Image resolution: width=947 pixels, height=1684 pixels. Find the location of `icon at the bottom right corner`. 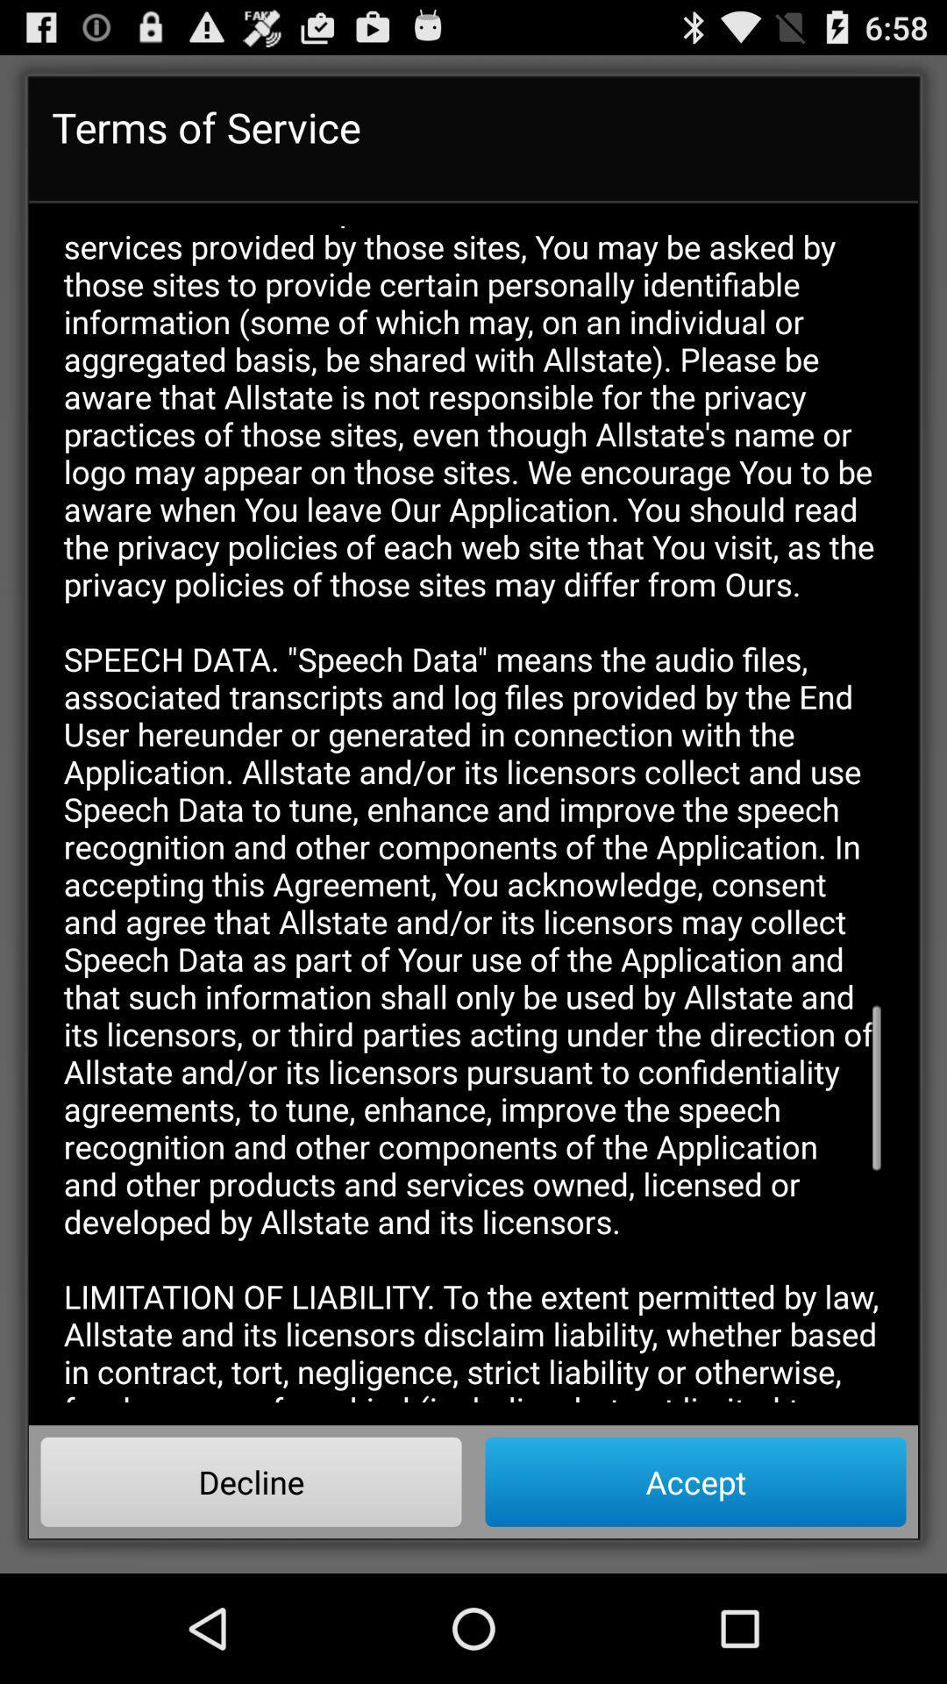

icon at the bottom right corner is located at coordinates (694, 1481).